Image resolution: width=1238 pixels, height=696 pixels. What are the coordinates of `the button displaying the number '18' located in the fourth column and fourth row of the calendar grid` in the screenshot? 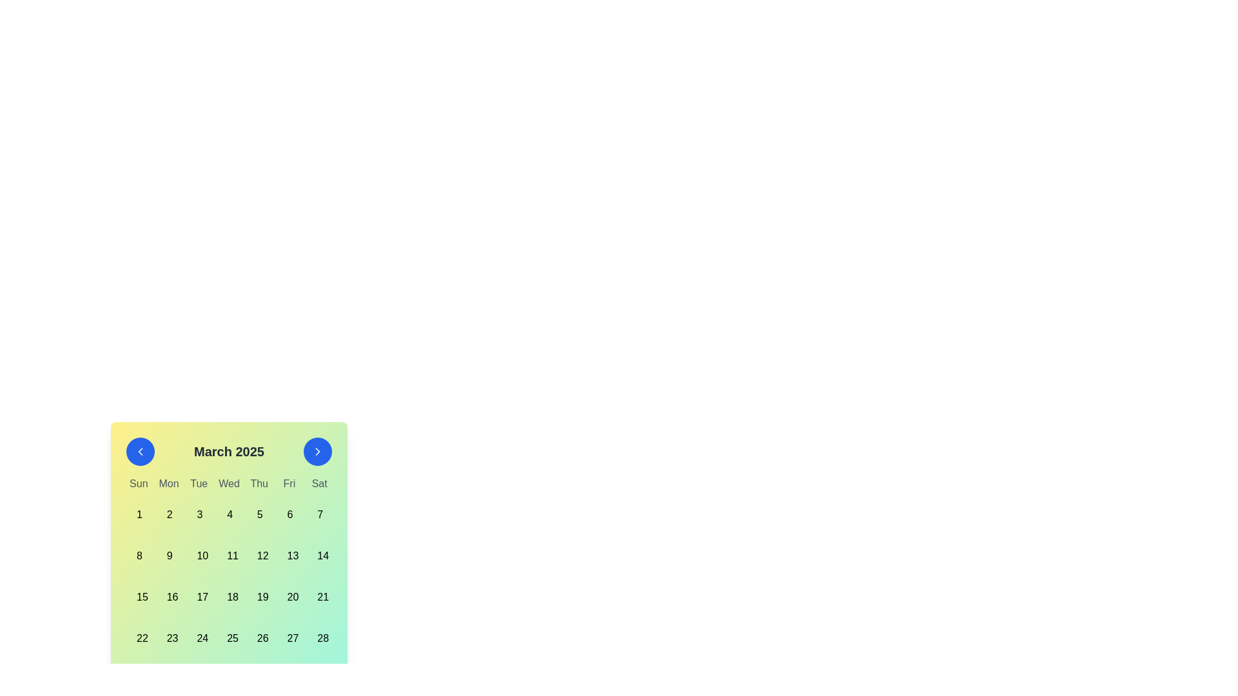 It's located at (229, 597).